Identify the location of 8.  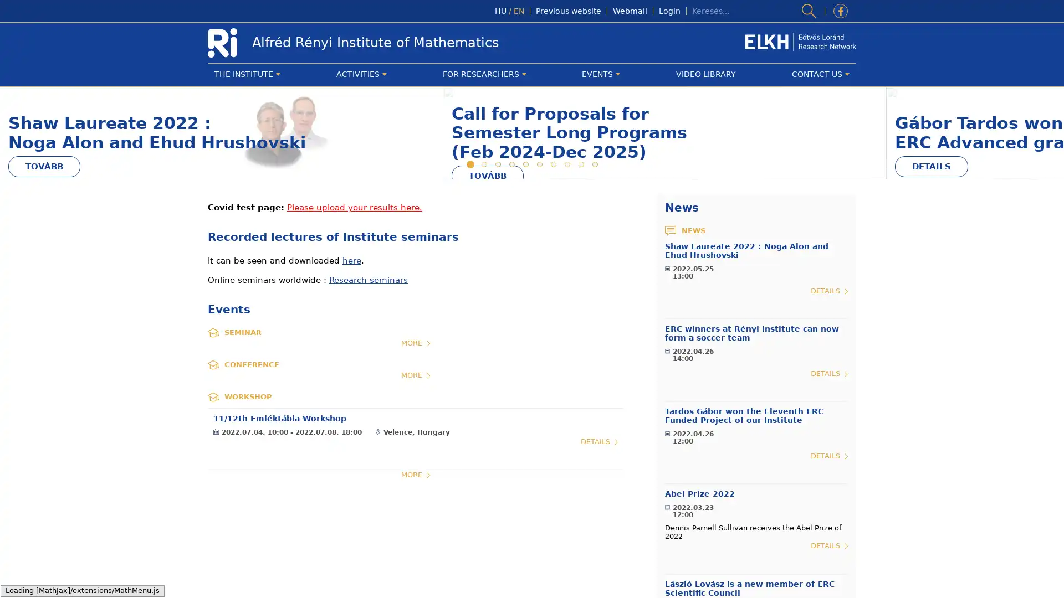
(566, 292).